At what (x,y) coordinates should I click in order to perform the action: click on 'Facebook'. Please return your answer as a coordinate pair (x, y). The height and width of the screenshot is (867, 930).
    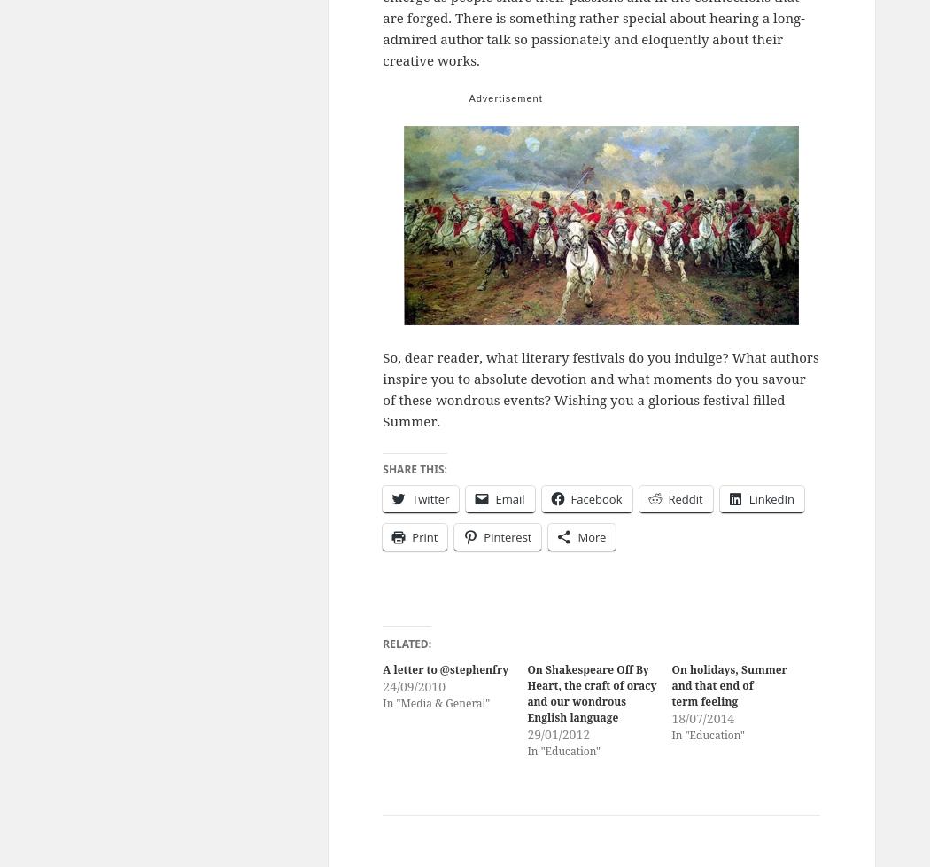
    Looking at the image, I should click on (595, 497).